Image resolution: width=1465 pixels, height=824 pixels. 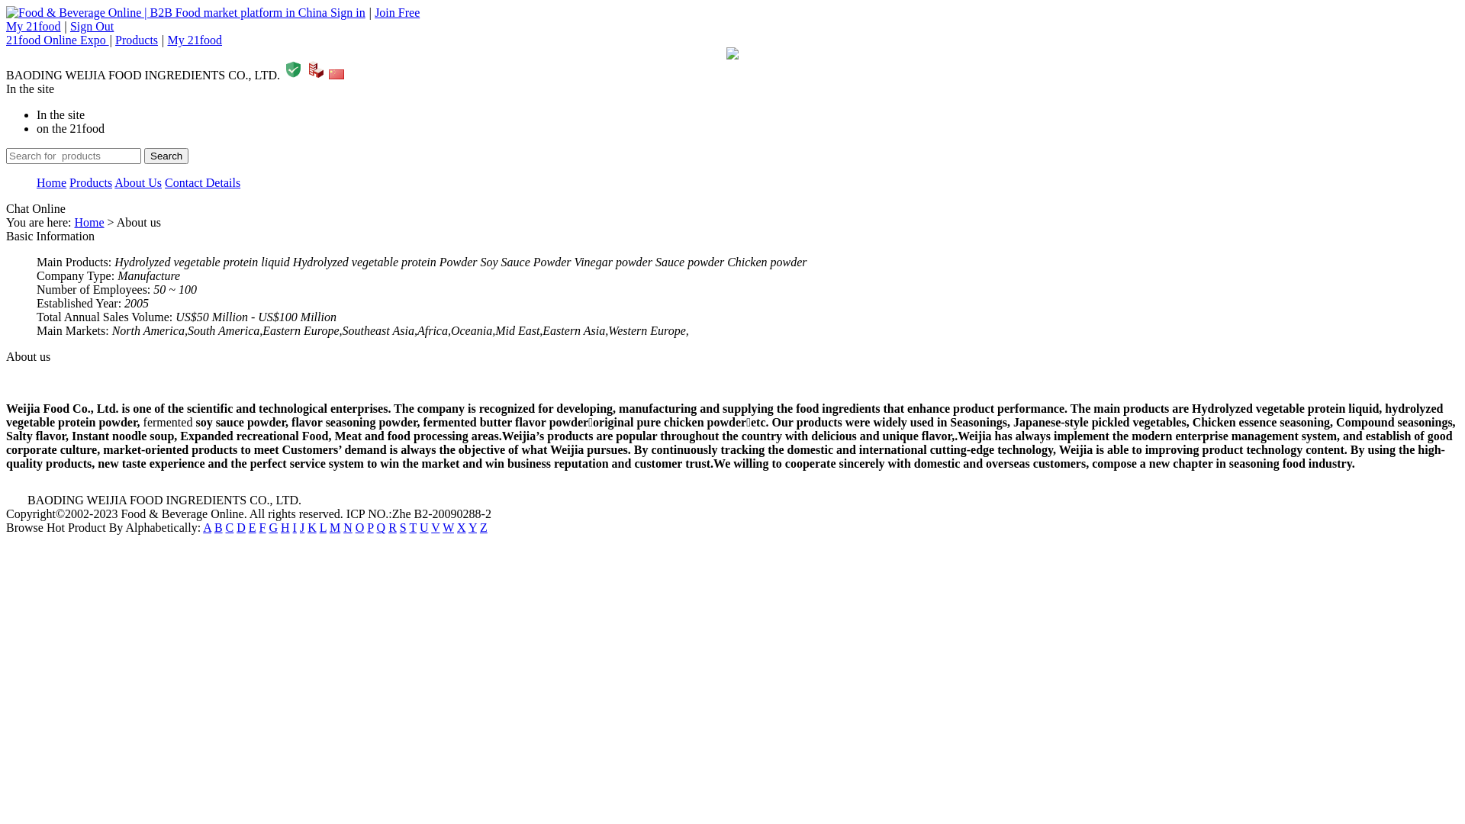 What do you see at coordinates (57, 39) in the screenshot?
I see `'21food Online Expo'` at bounding box center [57, 39].